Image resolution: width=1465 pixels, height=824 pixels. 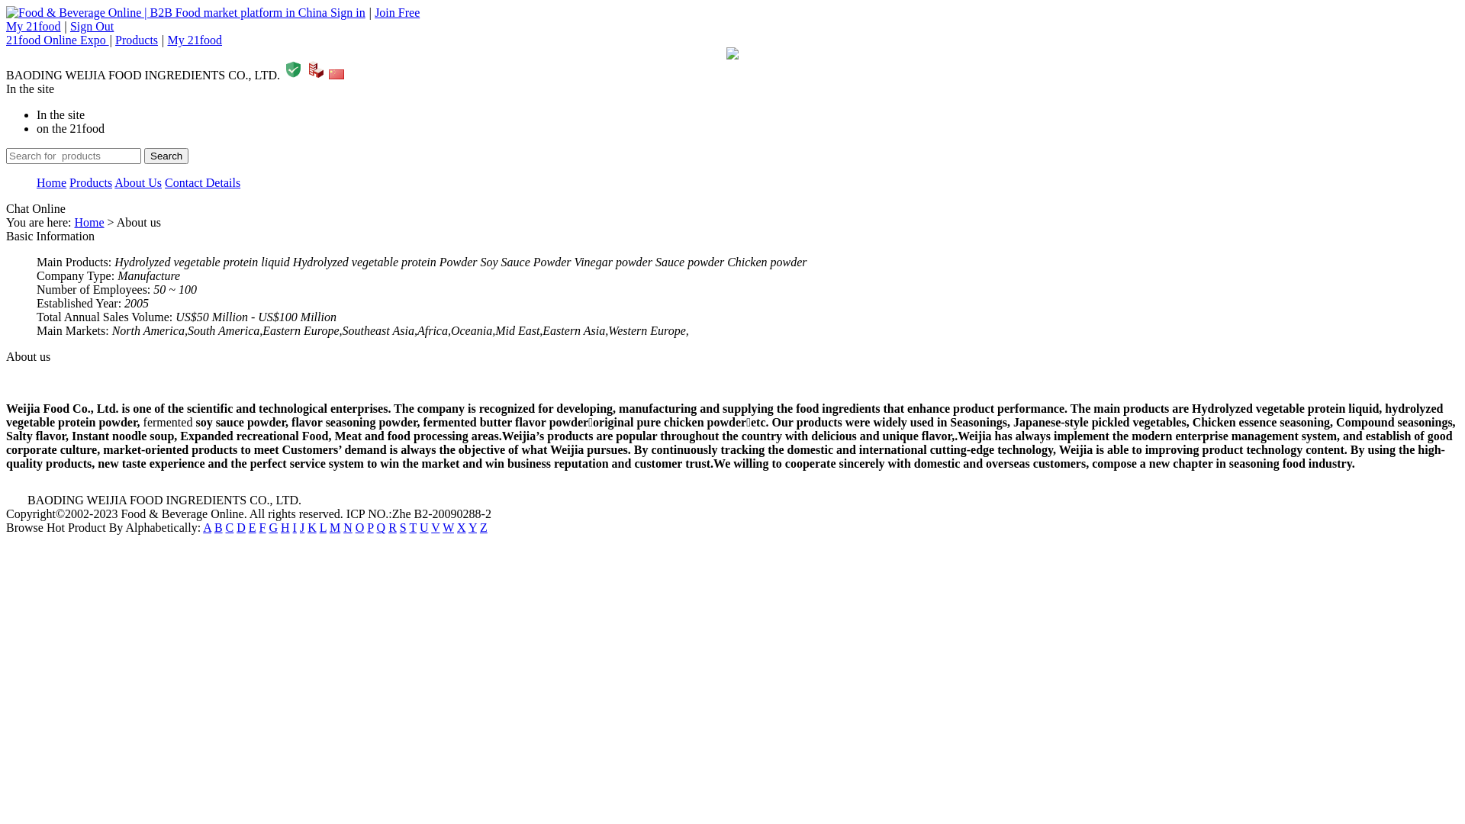 What do you see at coordinates (57, 39) in the screenshot?
I see `'21food Online Expo'` at bounding box center [57, 39].